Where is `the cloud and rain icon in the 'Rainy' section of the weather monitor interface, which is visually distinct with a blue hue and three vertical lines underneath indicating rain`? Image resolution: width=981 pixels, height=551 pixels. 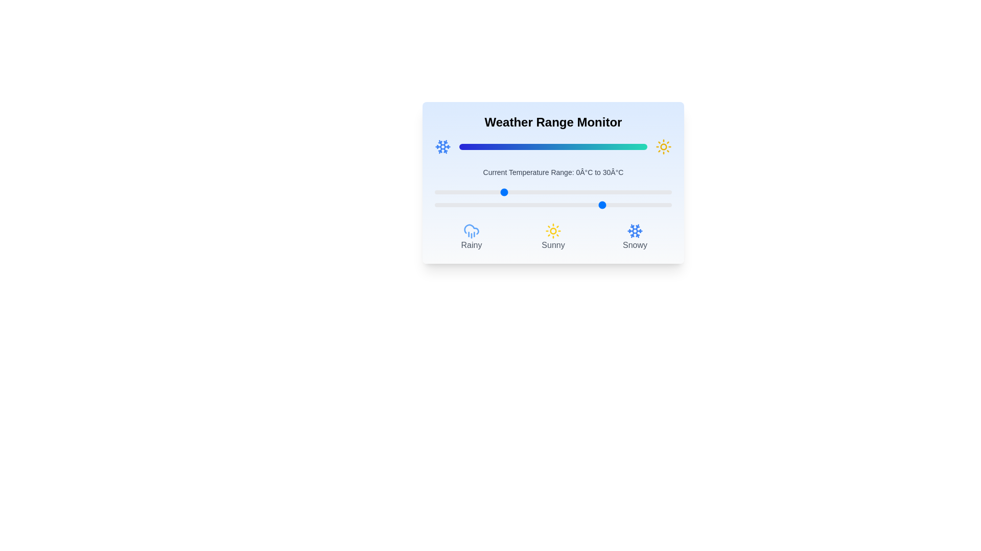
the cloud and rain icon in the 'Rainy' section of the weather monitor interface, which is visually distinct with a blue hue and three vertical lines underneath indicating rain is located at coordinates (471, 231).